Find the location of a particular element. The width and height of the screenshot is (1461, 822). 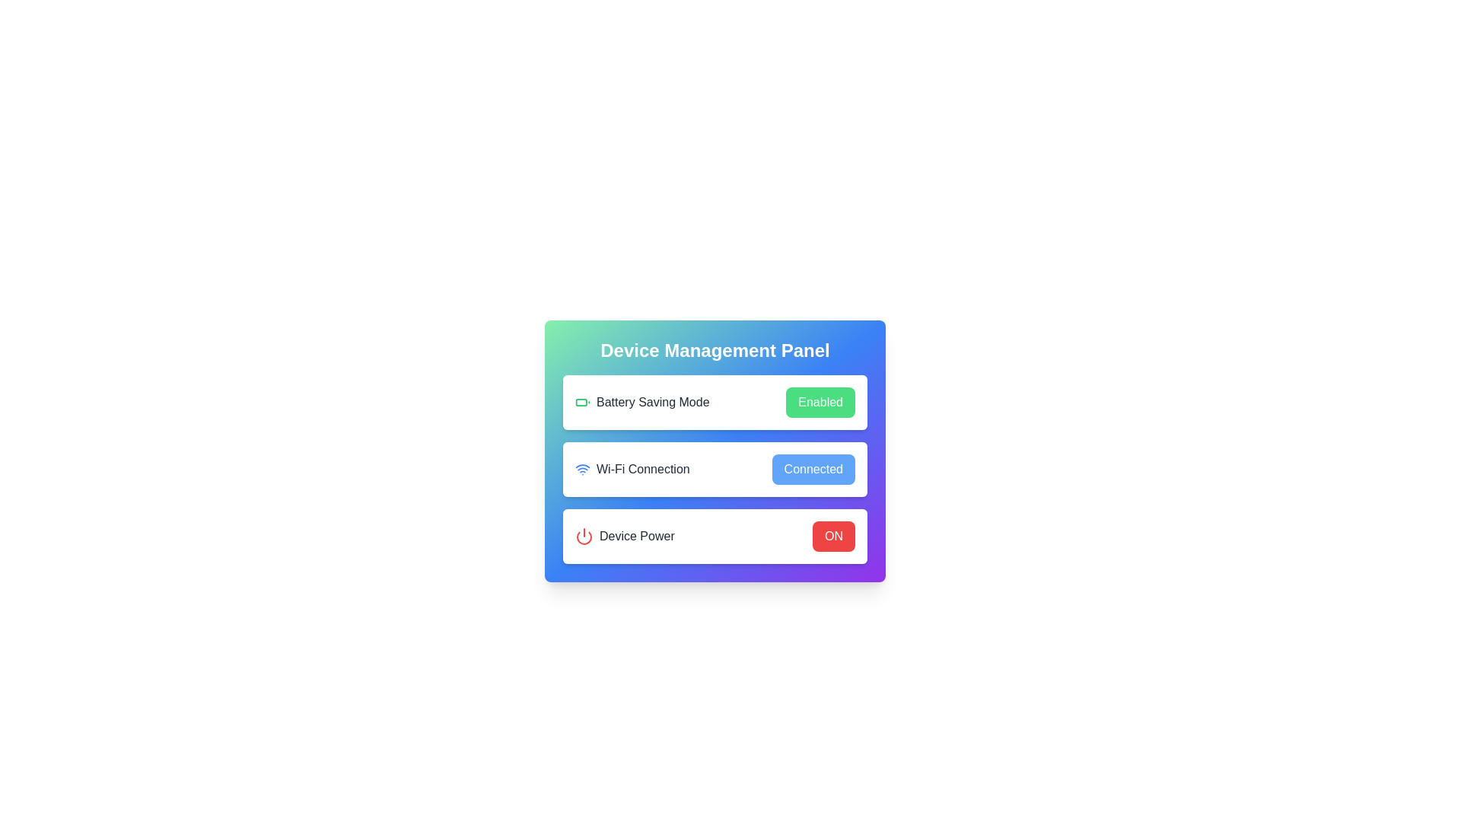

the Wi-Fi connection status icon located in the top-left corner of the 'Wi-Fi Connection' row, which precedes the textual label is located at coordinates (582, 469).